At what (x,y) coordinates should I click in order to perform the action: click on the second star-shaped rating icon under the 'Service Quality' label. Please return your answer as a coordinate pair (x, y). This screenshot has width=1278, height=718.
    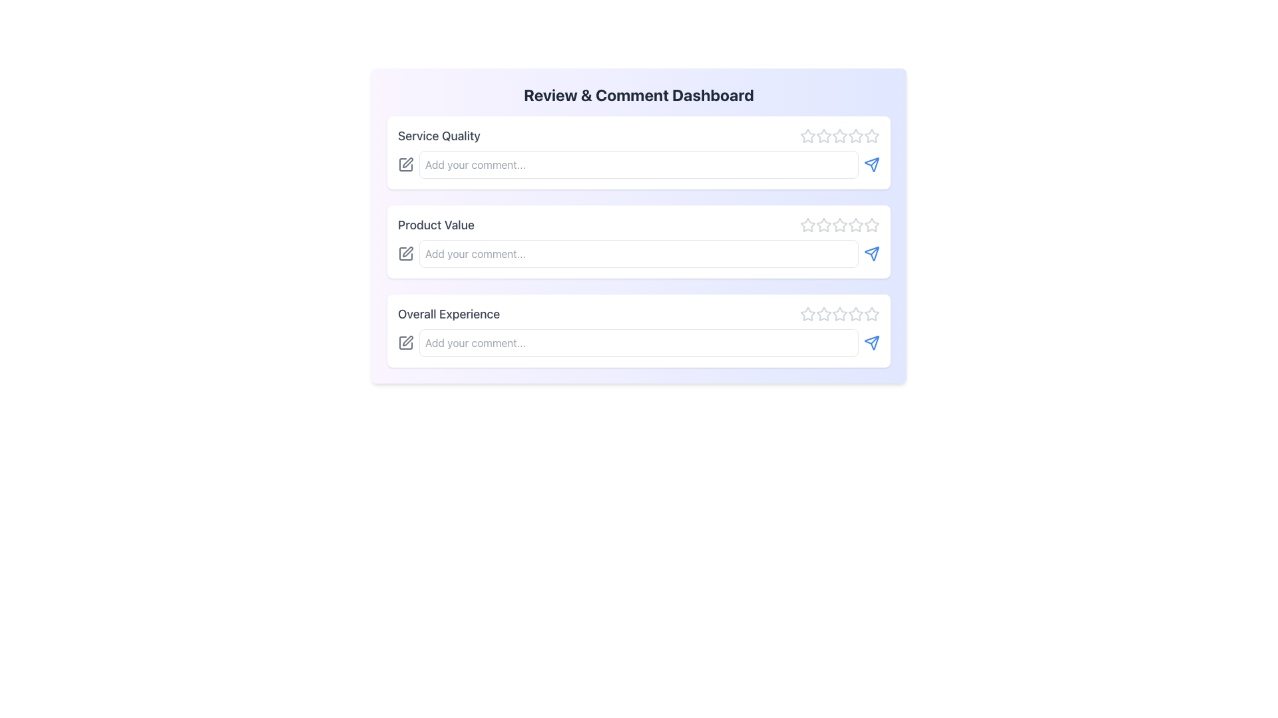
    Looking at the image, I should click on (839, 136).